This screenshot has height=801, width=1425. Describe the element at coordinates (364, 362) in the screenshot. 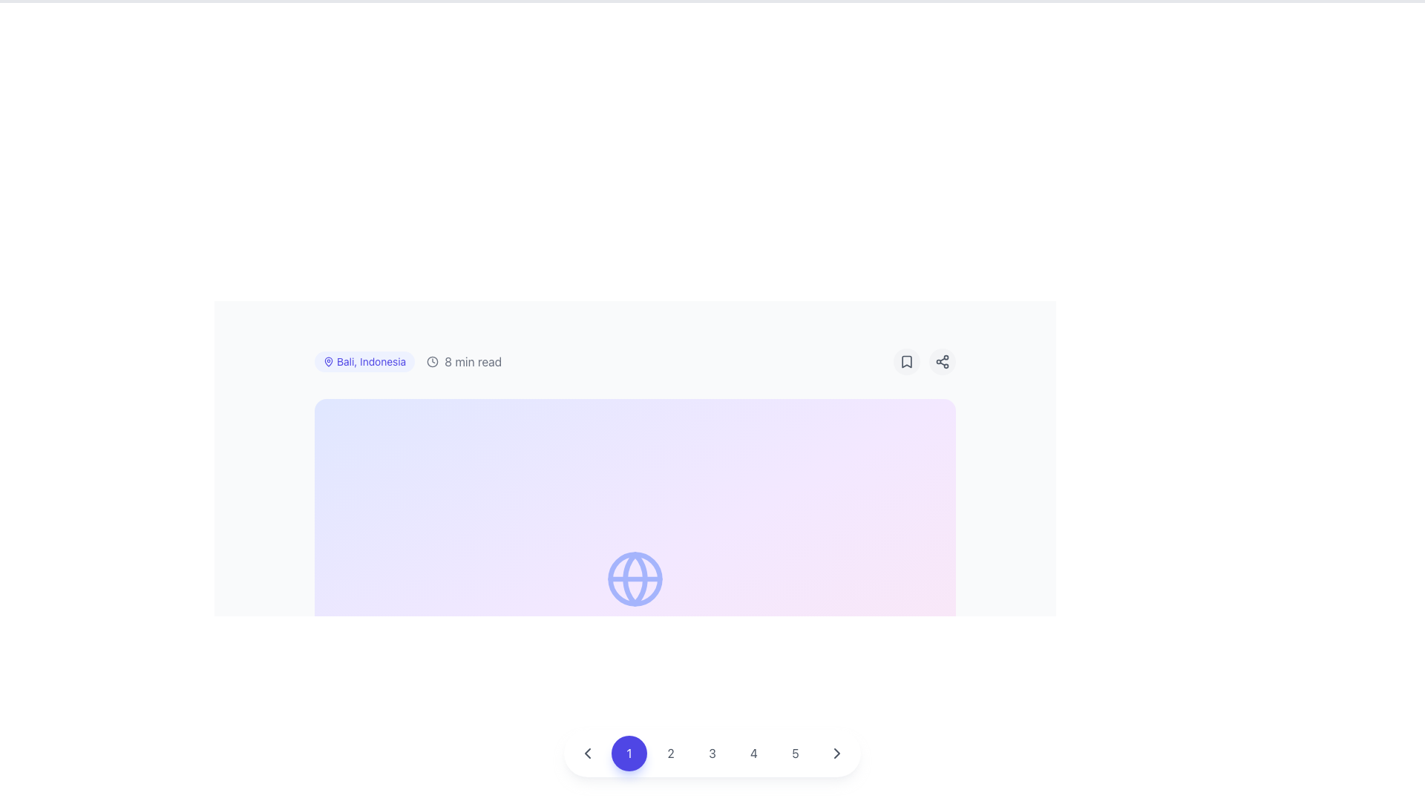

I see `the label displaying 'Bali, Indonesia' which is a rounded rectangle with a light indigo background and dark indigo text, accompanied by a location pin icon` at that location.